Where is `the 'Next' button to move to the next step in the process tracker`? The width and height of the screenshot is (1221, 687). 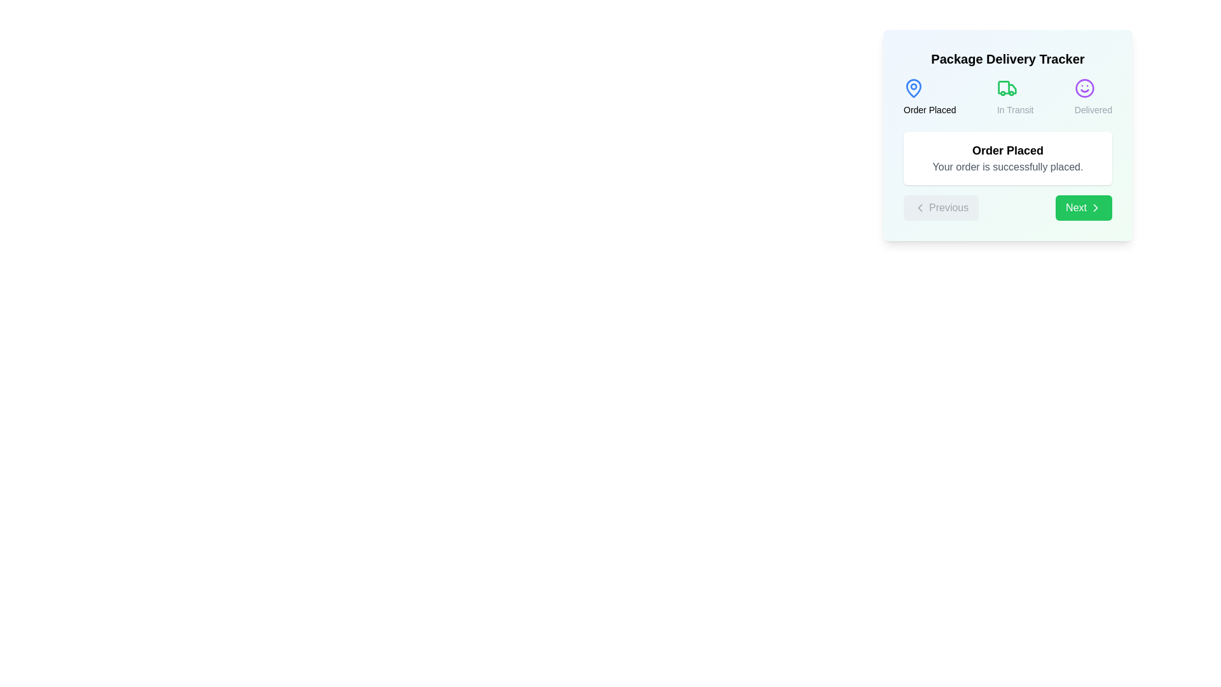 the 'Next' button to move to the next step in the process tracker is located at coordinates (1083, 207).